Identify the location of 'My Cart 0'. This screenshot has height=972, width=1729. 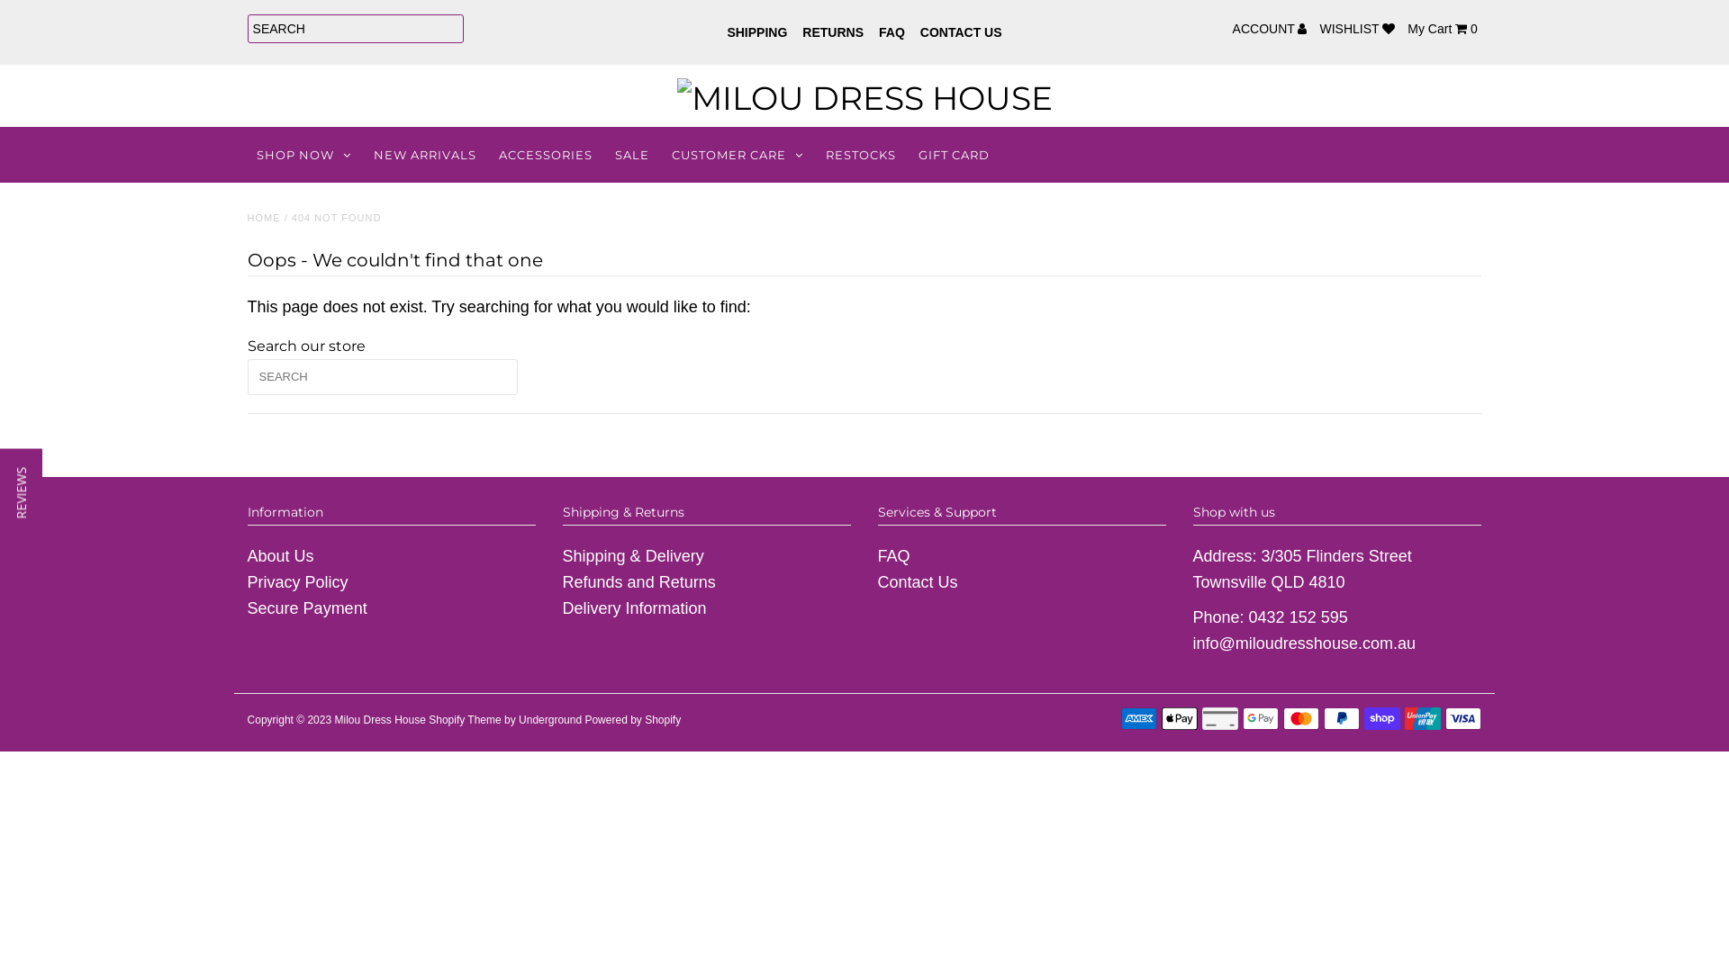
(1437, 28).